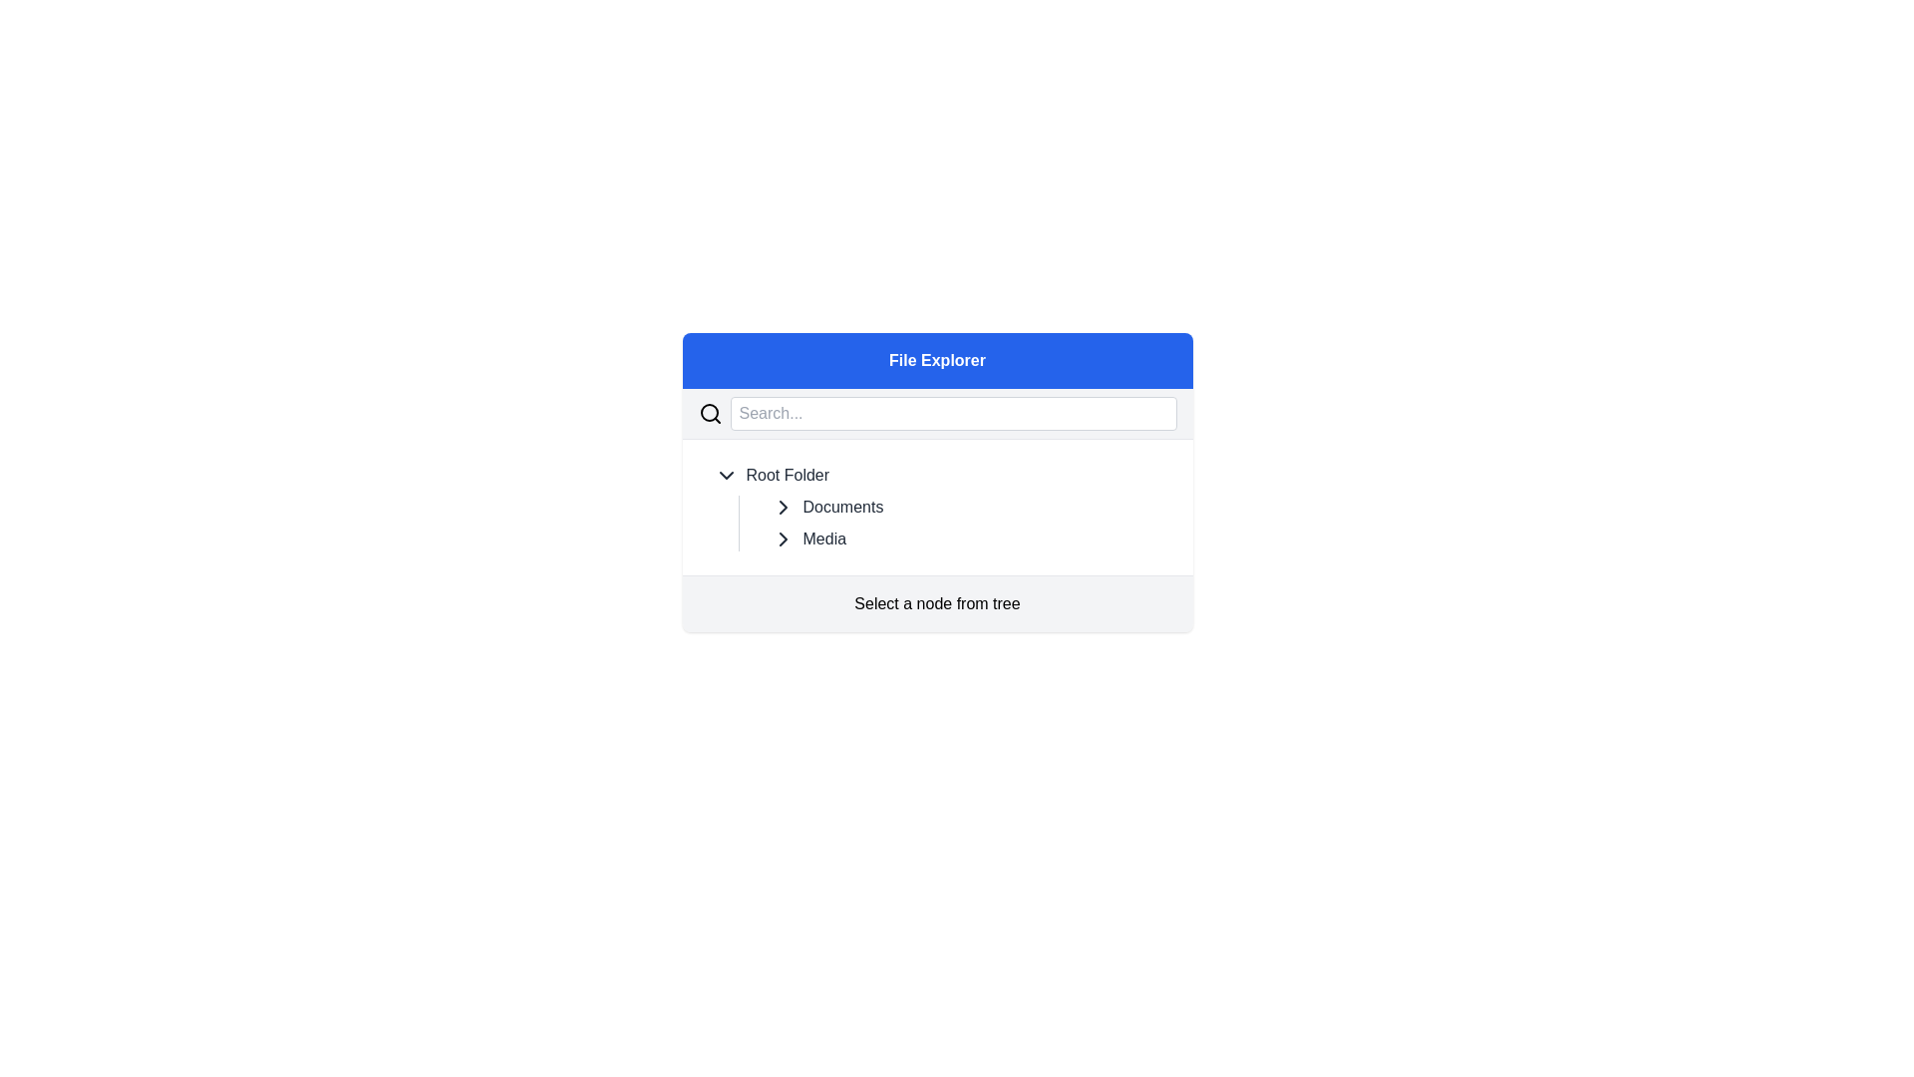 The height and width of the screenshot is (1077, 1914). I want to click on the 'Media' collapsible list item in the navigation tree, so click(974, 538).